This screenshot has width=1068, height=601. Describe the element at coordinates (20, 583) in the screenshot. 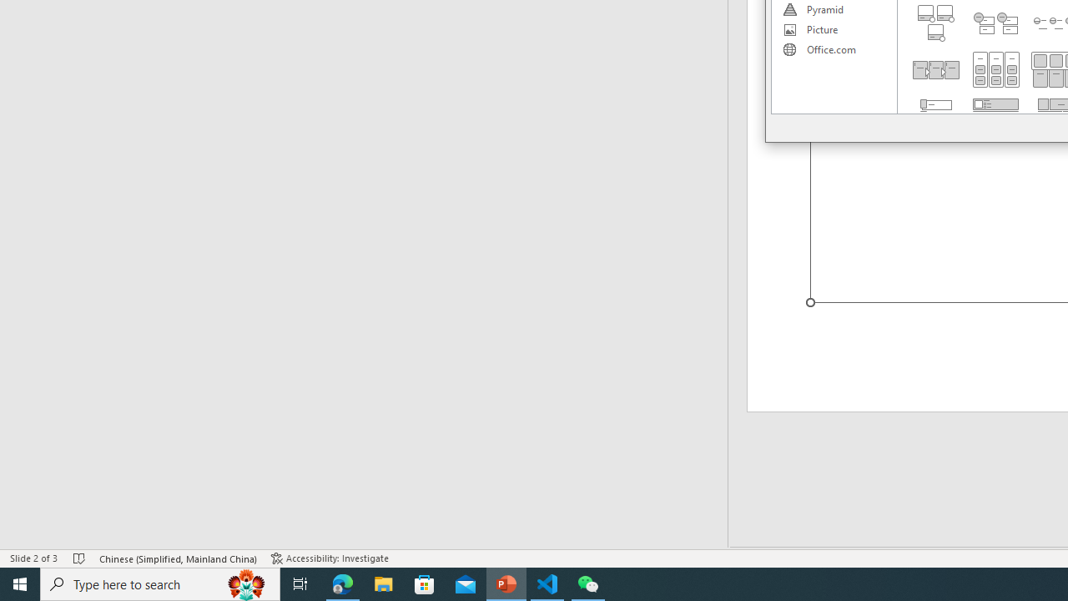

I see `'Start'` at that location.